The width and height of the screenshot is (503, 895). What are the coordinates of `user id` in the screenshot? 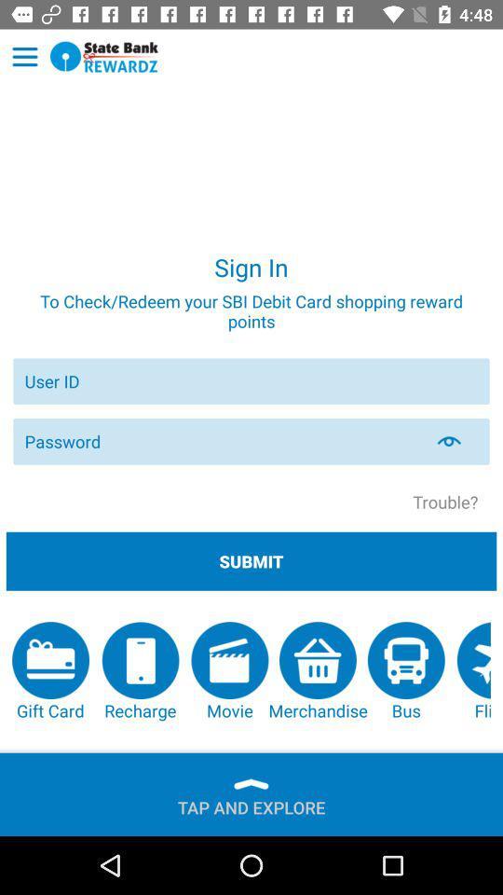 It's located at (251, 380).